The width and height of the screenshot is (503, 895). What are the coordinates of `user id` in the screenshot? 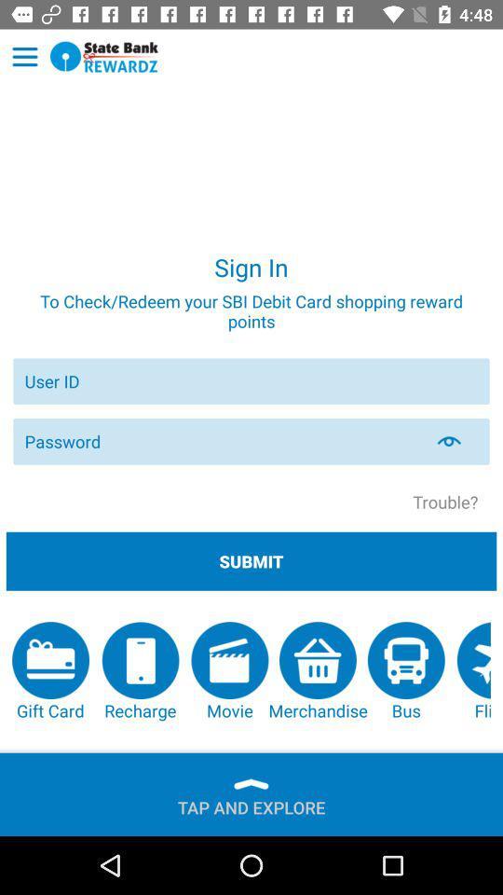 It's located at (251, 380).